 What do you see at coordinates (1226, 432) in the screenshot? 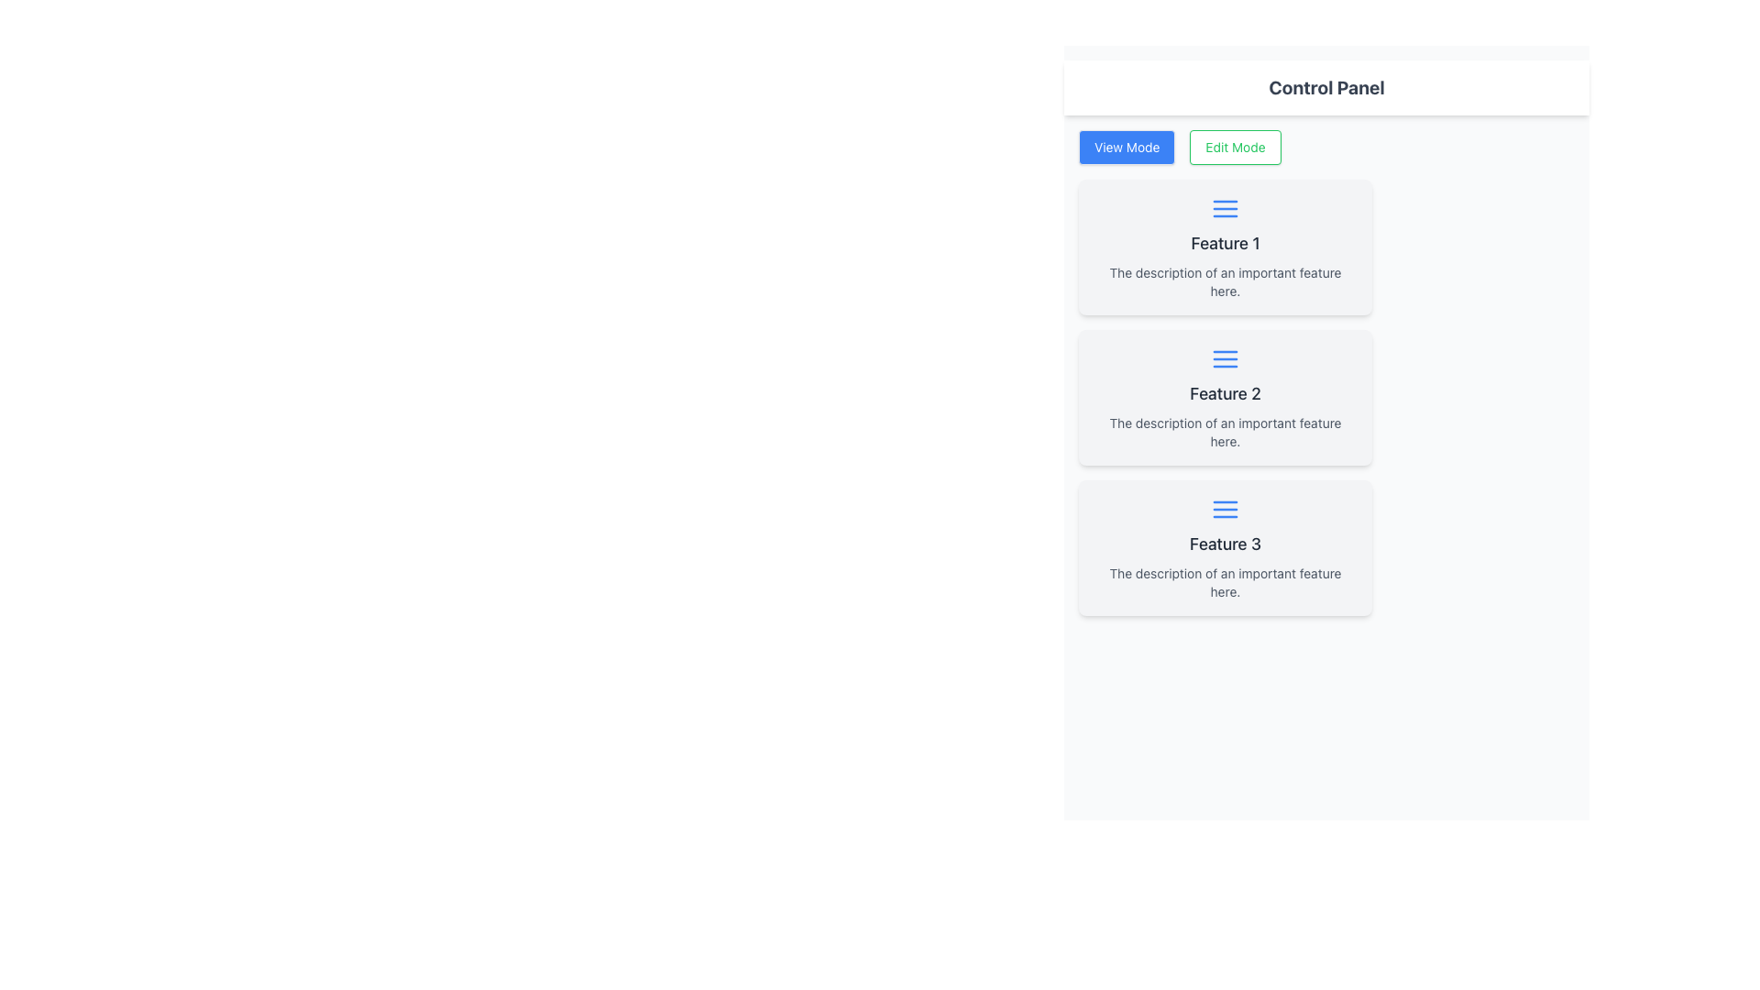
I see `the Text Block that provides a concise description associated with 'Feature 2', located directly below the heading 'Feature 2' and centered within the second feature box` at bounding box center [1226, 432].